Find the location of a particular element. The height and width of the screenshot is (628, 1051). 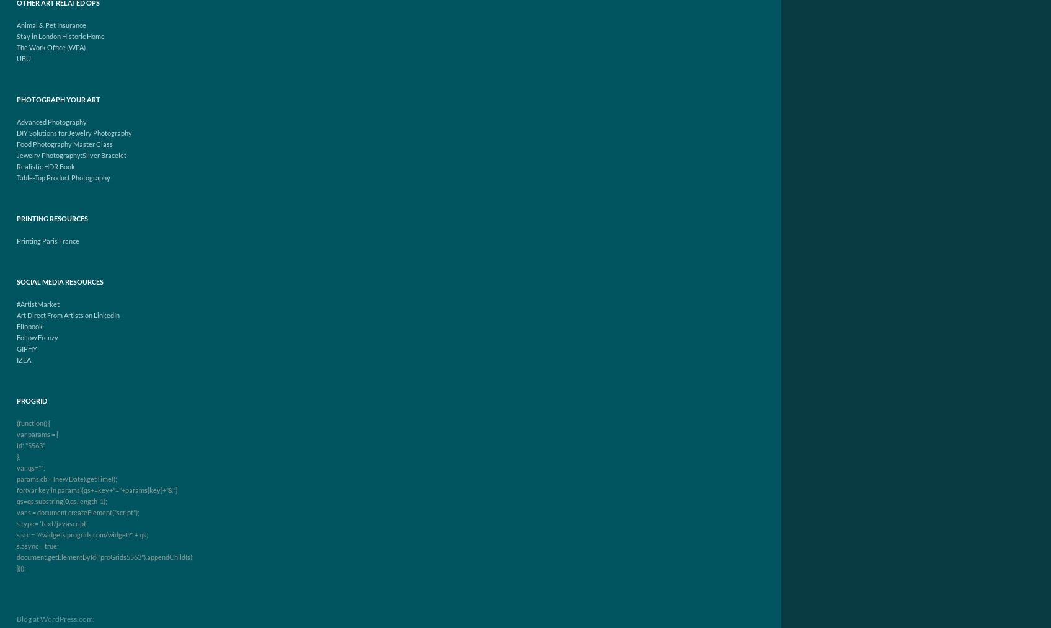

'Advanced Photography' is located at coordinates (51, 122).